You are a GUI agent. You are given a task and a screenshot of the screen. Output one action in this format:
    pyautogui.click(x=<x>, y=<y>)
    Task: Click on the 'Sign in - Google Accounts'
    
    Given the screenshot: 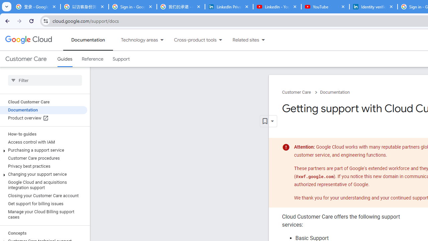 What is the action you would take?
    pyautogui.click(x=132, y=7)
    